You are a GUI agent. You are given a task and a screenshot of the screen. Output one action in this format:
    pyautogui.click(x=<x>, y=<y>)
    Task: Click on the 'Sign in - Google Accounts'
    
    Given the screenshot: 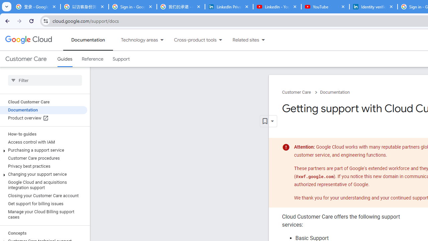 What is the action you would take?
    pyautogui.click(x=132, y=7)
    